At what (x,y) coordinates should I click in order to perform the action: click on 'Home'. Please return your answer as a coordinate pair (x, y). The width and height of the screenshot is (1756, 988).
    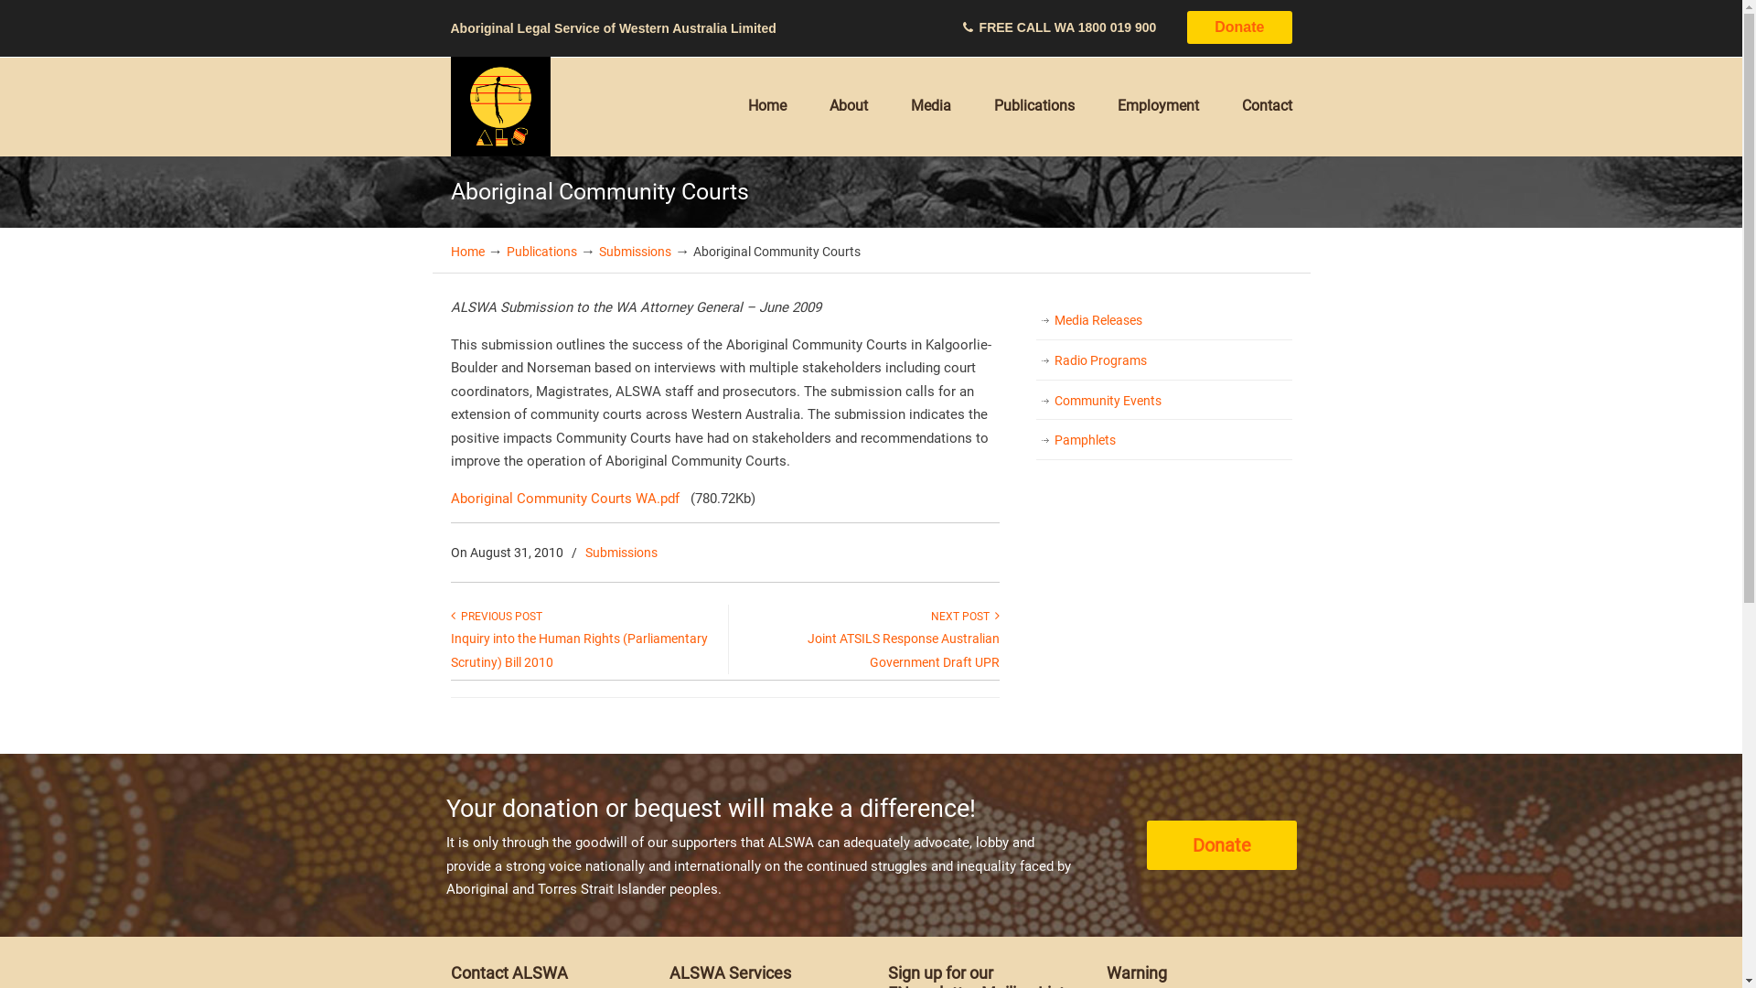
    Looking at the image, I should click on (767, 105).